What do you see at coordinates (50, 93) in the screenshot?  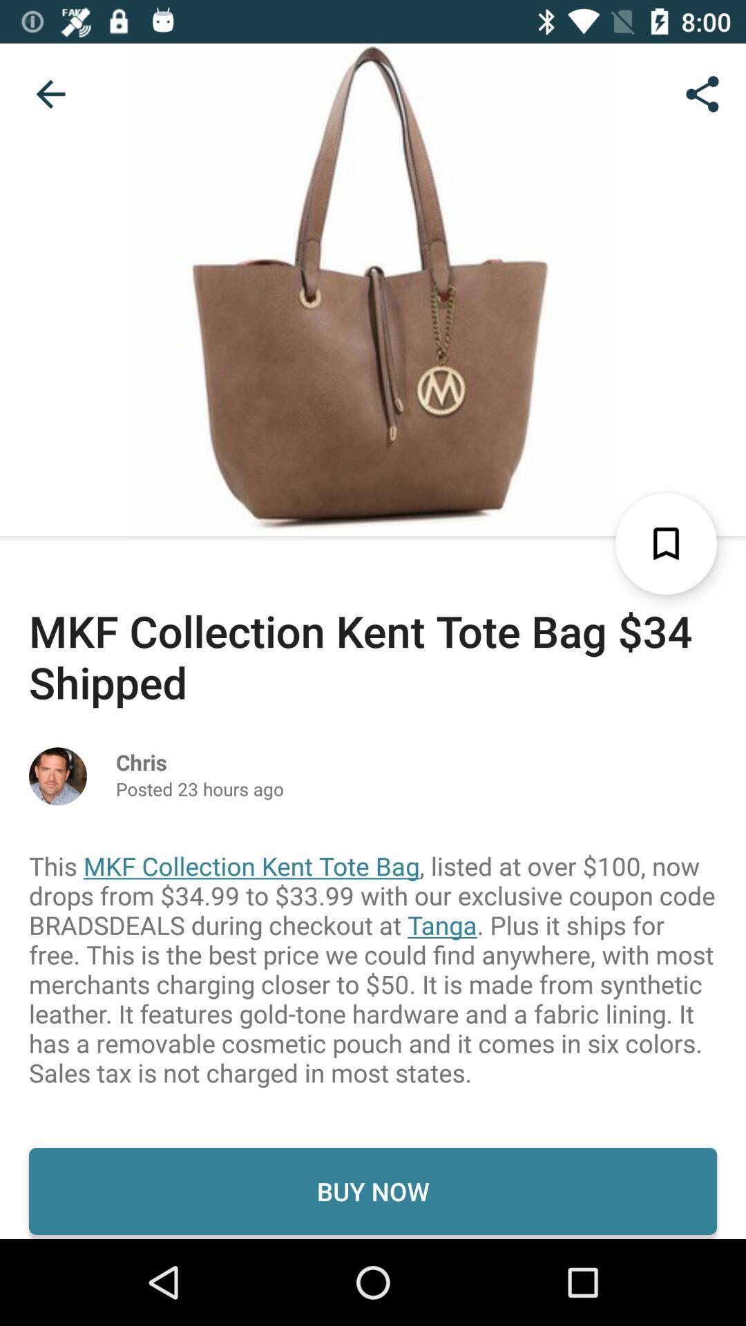 I see `icon at the top left corner` at bounding box center [50, 93].